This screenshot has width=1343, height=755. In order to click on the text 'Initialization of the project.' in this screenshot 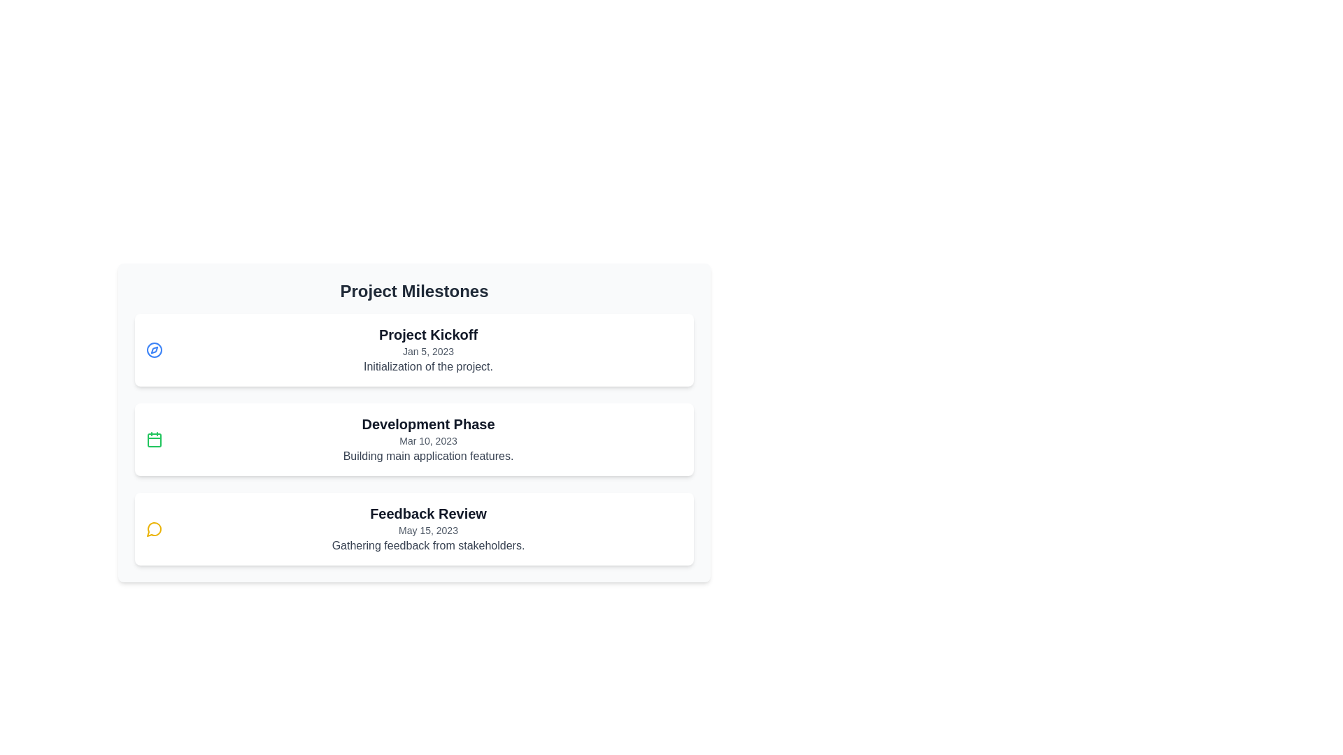, I will do `click(427, 366)`.